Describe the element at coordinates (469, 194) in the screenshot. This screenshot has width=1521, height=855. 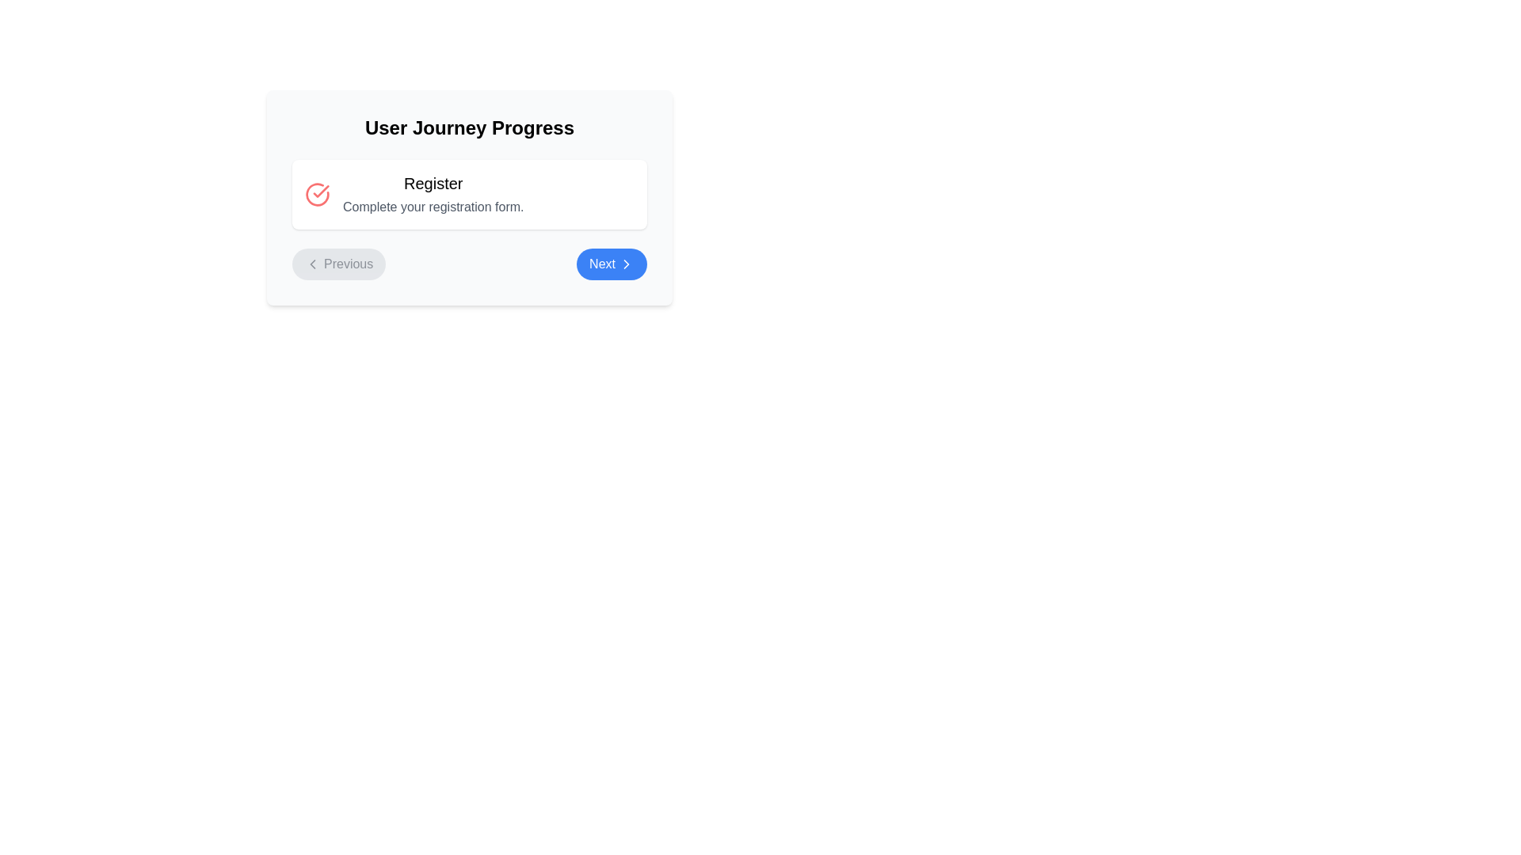
I see `text displayed on the informational card that provides information about the current stage in the user journey ('Register') and prompts the user to complete the registration form` at that location.